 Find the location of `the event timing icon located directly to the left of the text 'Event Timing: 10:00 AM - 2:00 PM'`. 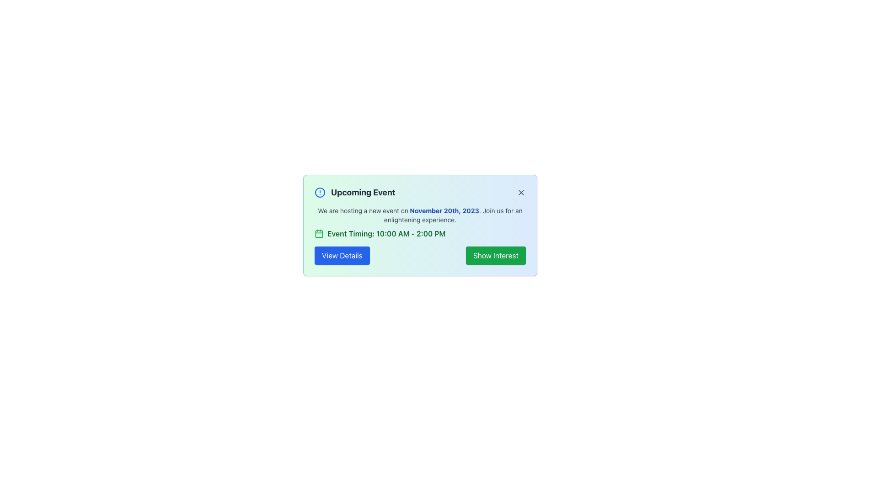

the event timing icon located directly to the left of the text 'Event Timing: 10:00 AM - 2:00 PM' is located at coordinates (319, 233).